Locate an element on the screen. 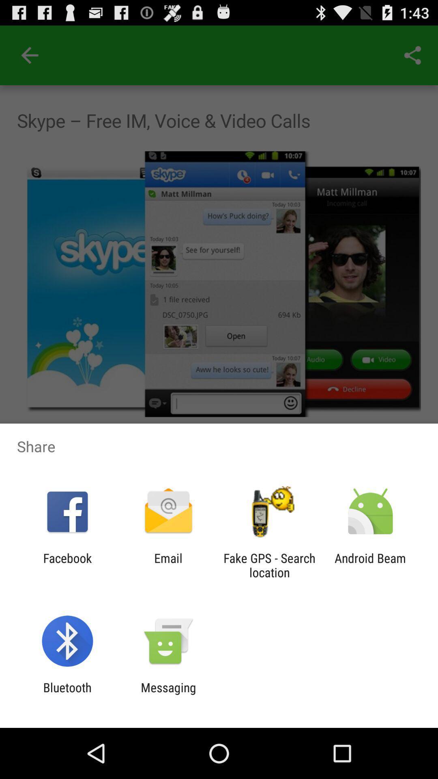 Image resolution: width=438 pixels, height=779 pixels. item at the bottom right corner is located at coordinates (370, 565).